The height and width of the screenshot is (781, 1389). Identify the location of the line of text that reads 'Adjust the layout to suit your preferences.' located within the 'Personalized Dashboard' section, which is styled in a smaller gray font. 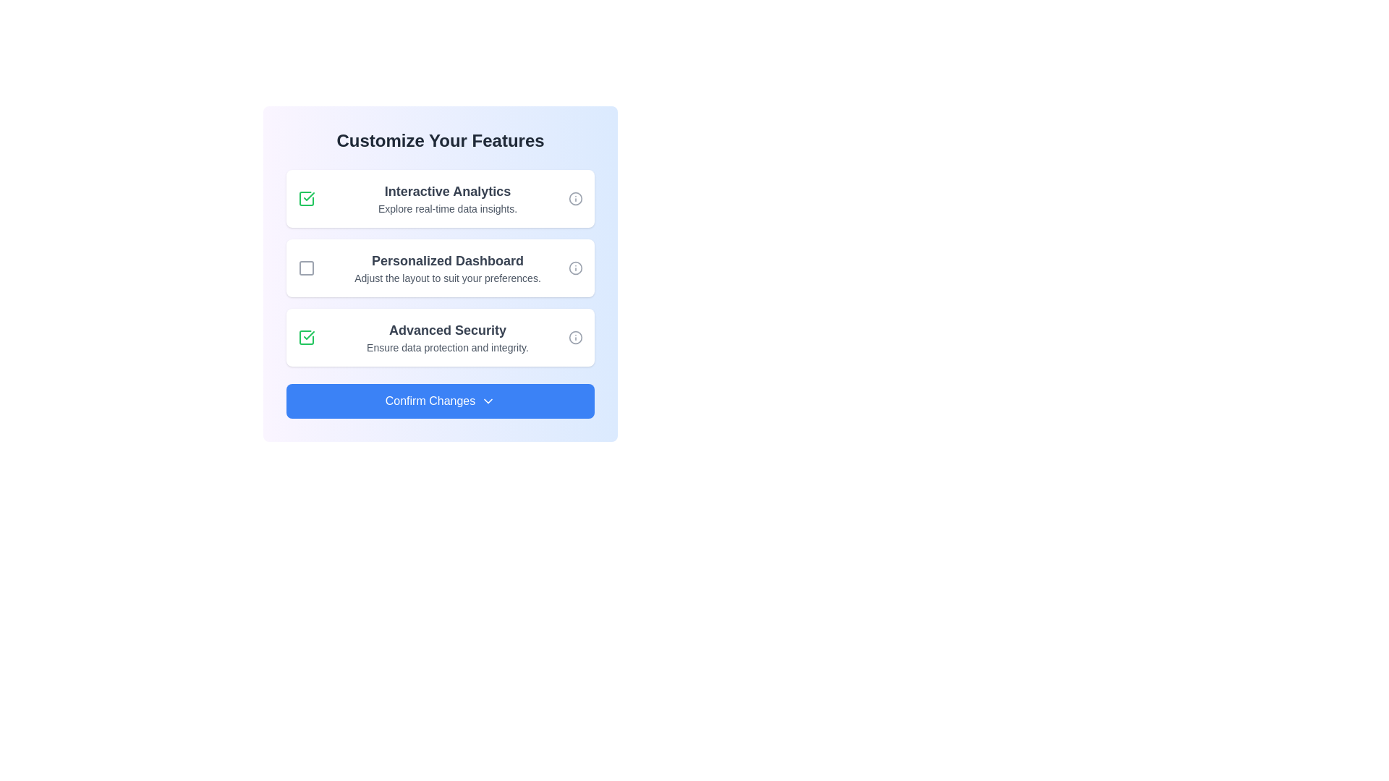
(447, 278).